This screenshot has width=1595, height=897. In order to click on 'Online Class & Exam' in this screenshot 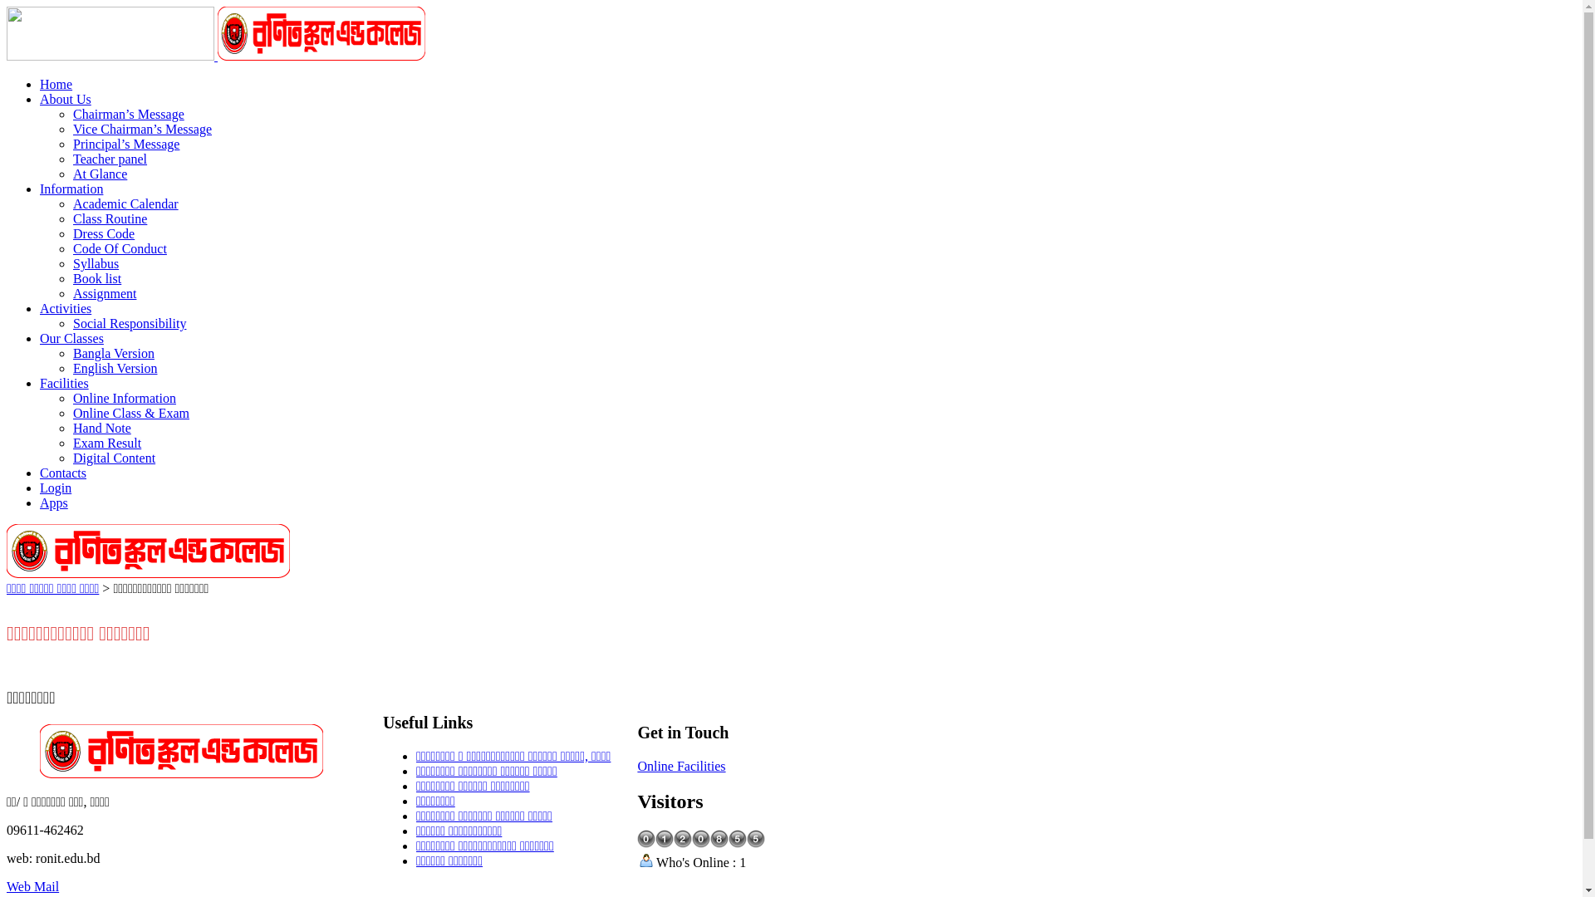, I will do `click(130, 412)`.